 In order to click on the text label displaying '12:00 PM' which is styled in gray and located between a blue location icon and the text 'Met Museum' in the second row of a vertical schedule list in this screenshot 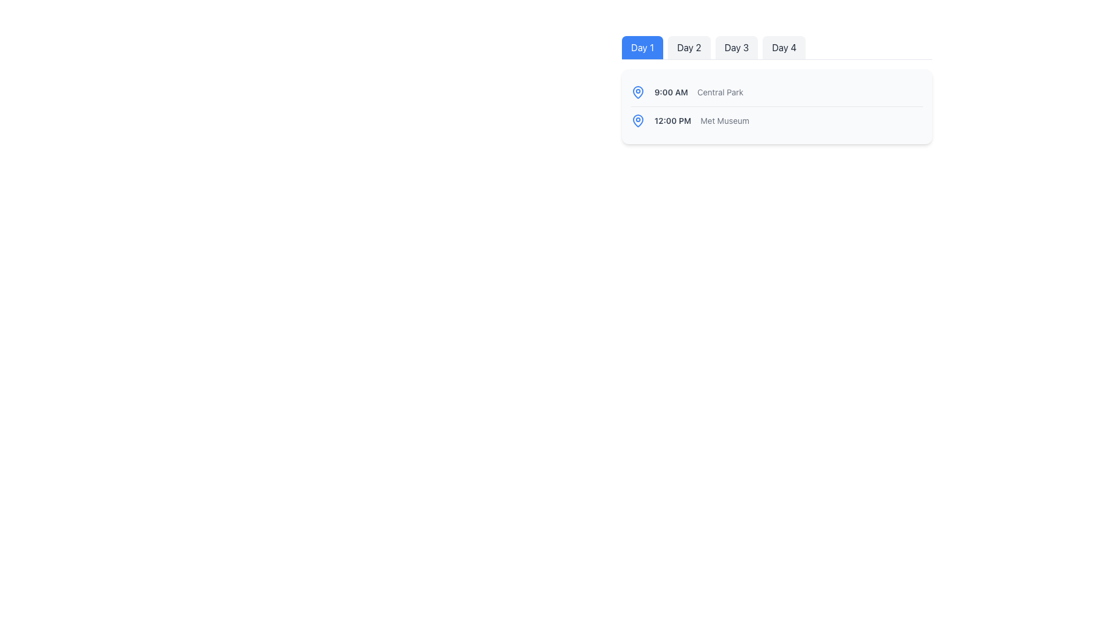, I will do `click(673, 121)`.